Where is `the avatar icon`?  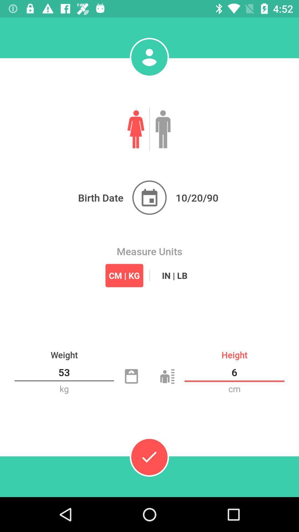
the avatar icon is located at coordinates (149, 57).